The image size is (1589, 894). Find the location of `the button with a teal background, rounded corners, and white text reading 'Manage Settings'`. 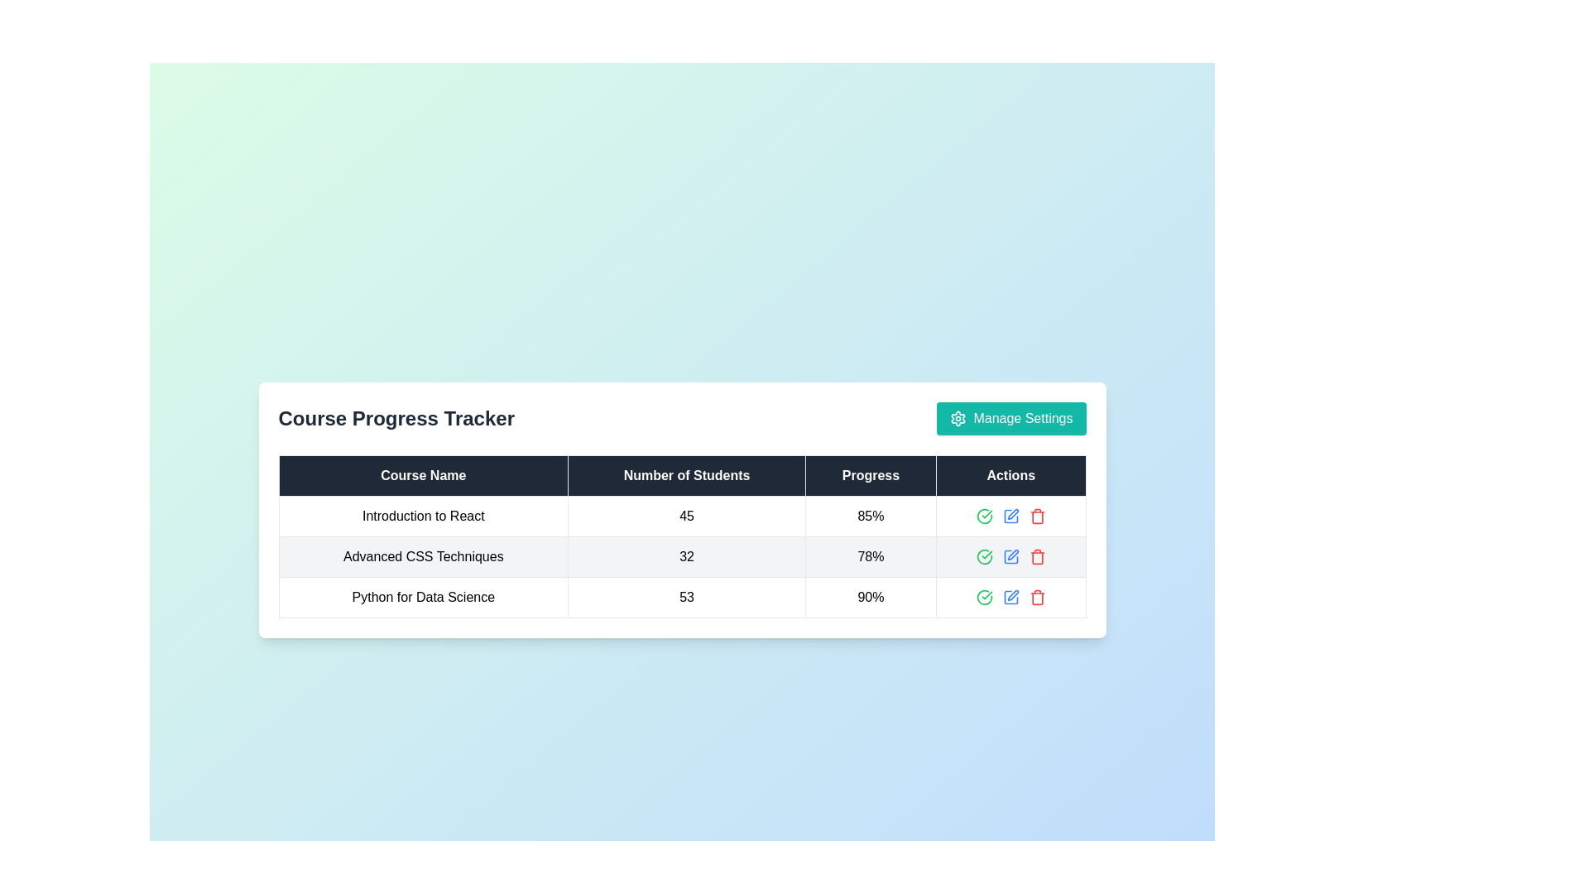

the button with a teal background, rounded corners, and white text reading 'Manage Settings' is located at coordinates (1011, 417).